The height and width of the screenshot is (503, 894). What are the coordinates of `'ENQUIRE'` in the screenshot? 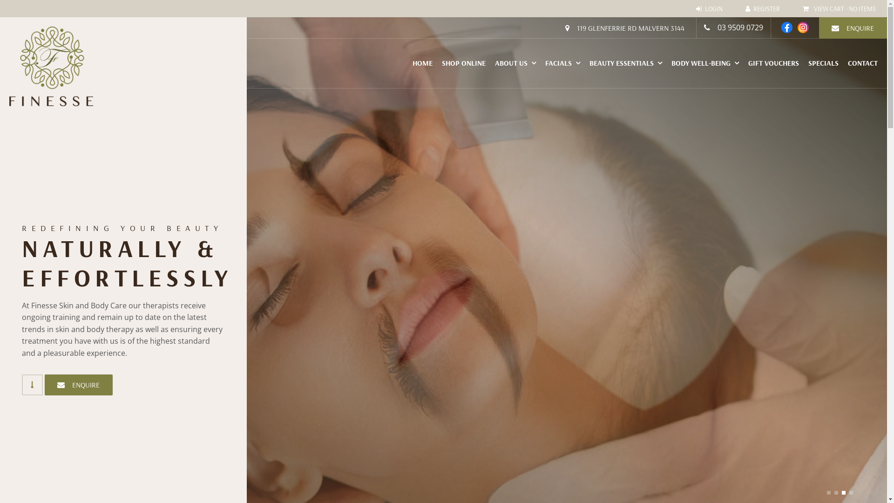 It's located at (853, 27).